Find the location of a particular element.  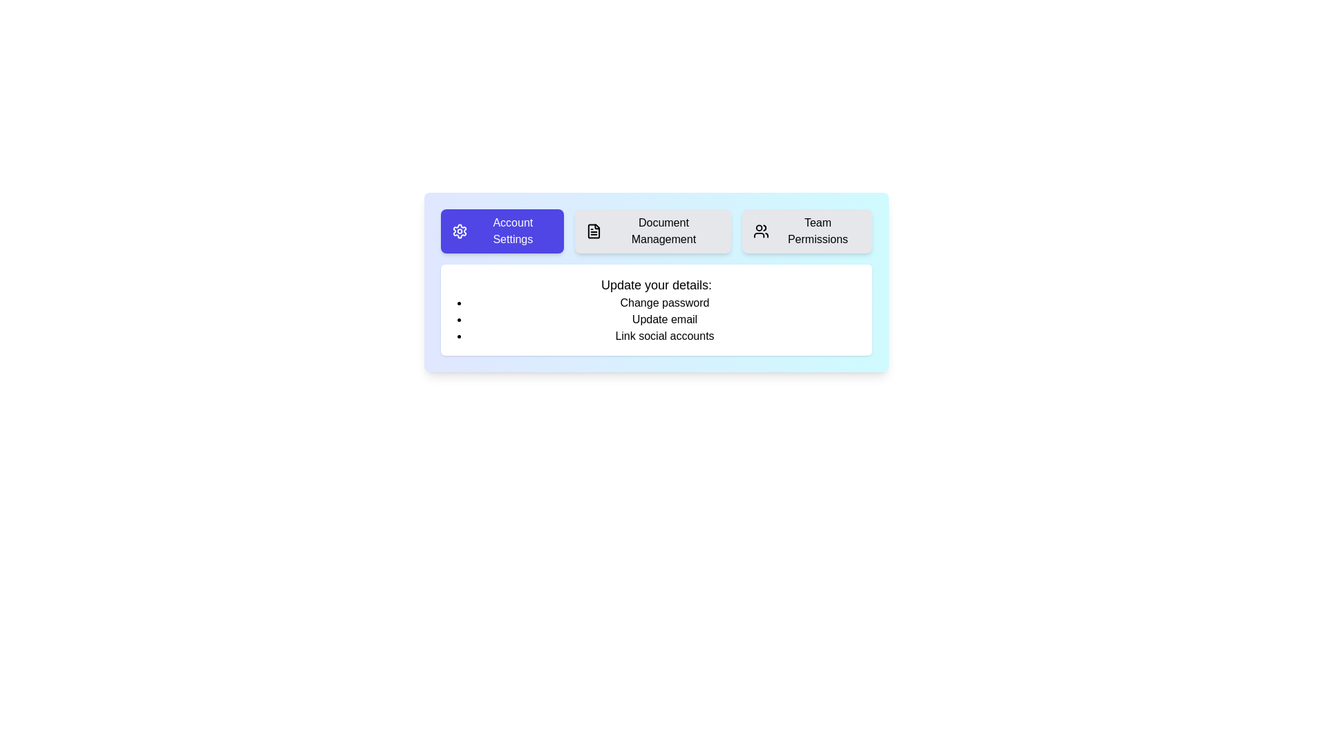

the 'Document Management' button to trigger its hover effects, which is the middle button in a horizontal alignment of three buttons is located at coordinates (652, 231).